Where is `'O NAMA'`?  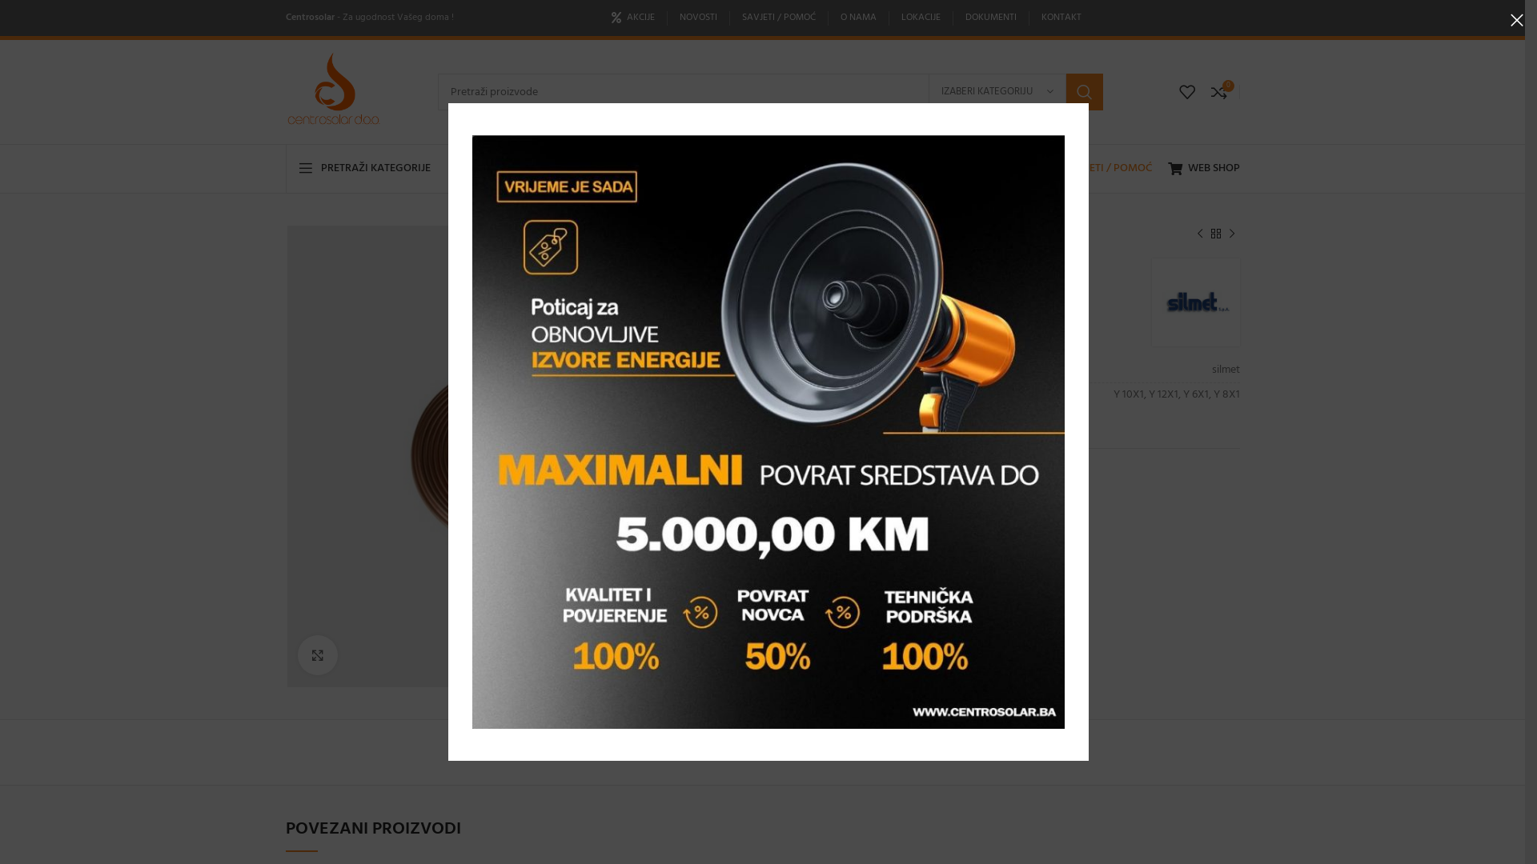 'O NAMA' is located at coordinates (840, 18).